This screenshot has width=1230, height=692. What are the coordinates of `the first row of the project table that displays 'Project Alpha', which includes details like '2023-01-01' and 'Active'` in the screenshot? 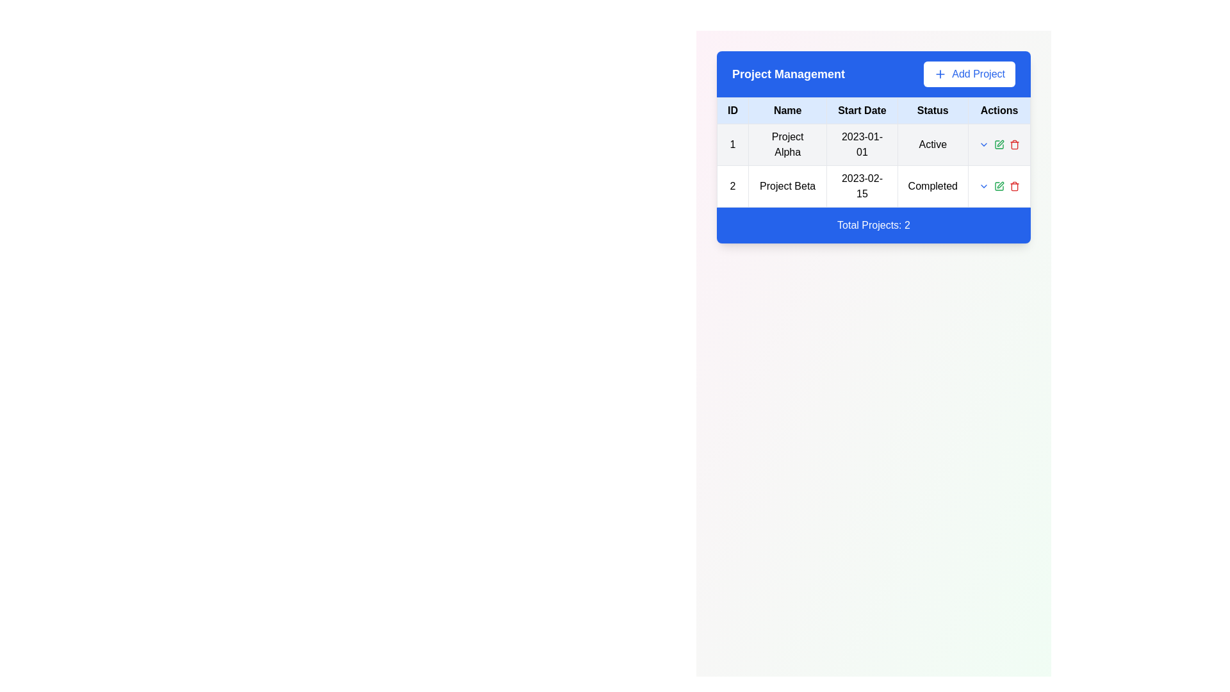 It's located at (873, 165).